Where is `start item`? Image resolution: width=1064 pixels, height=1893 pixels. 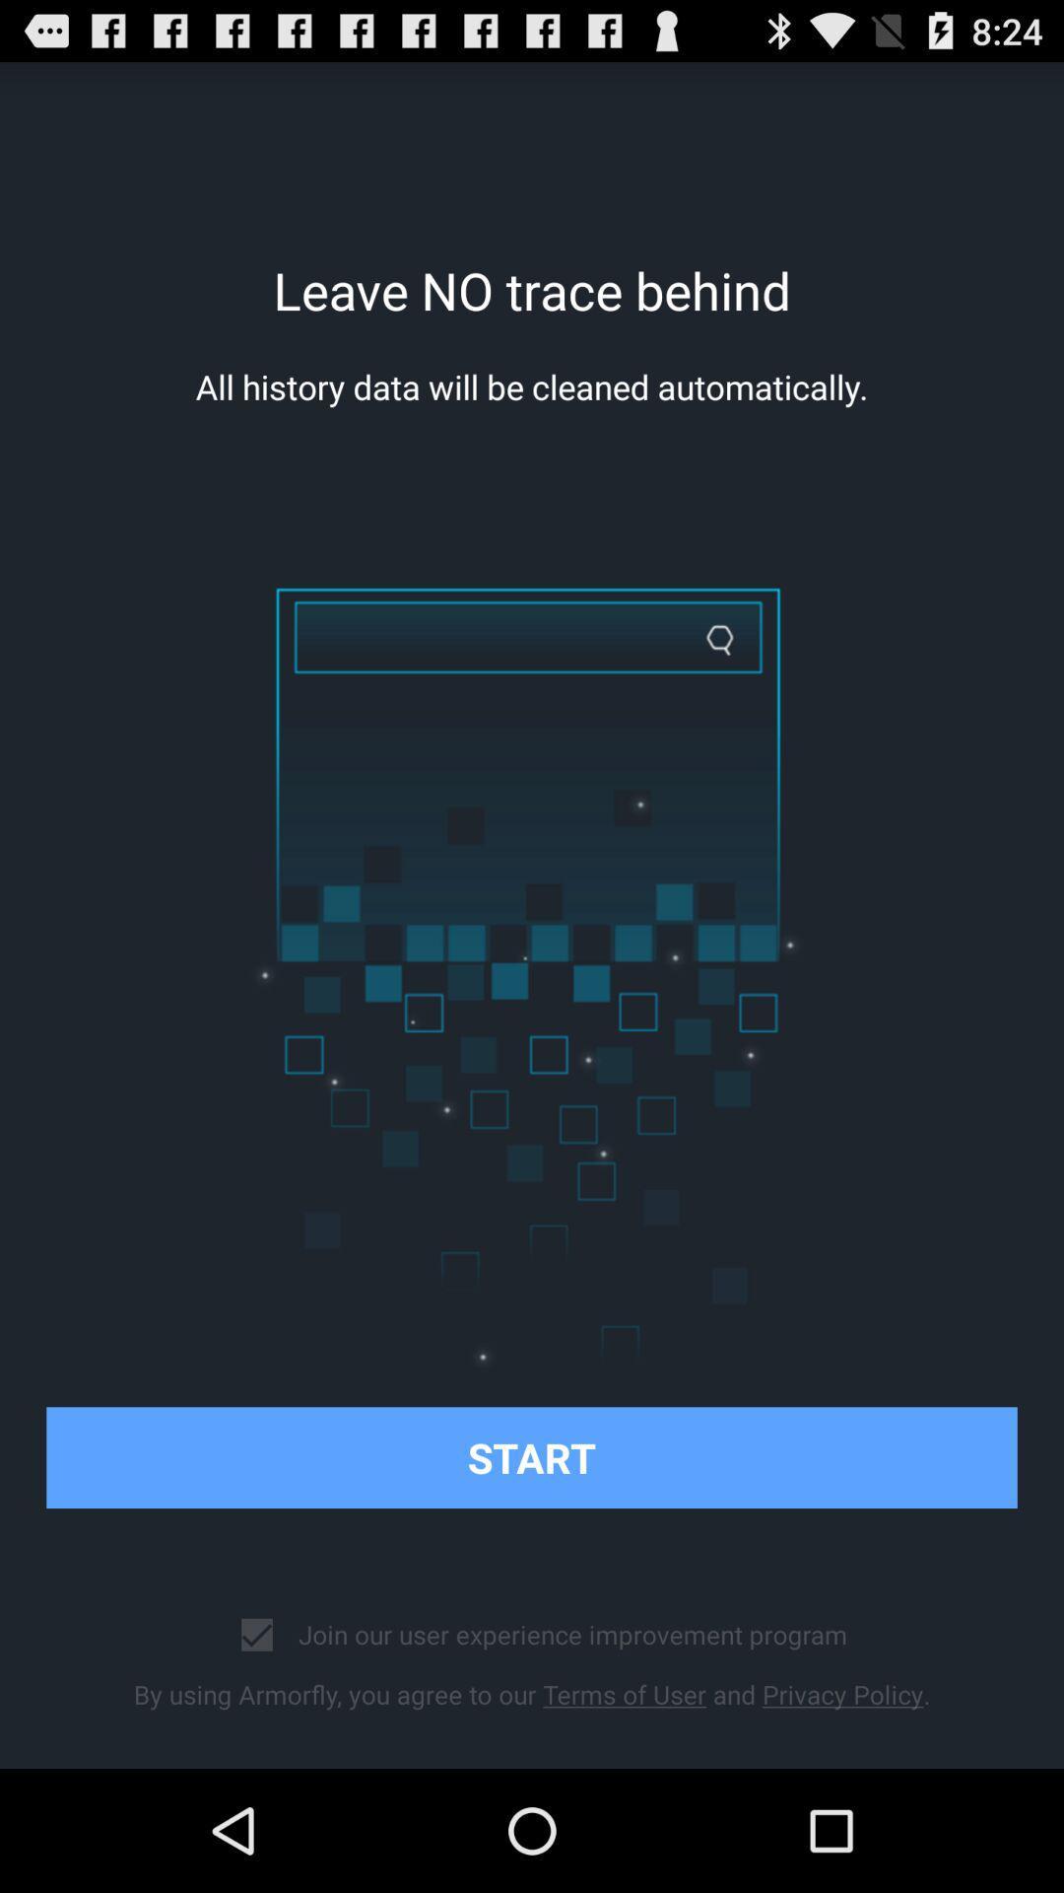
start item is located at coordinates (532, 1457).